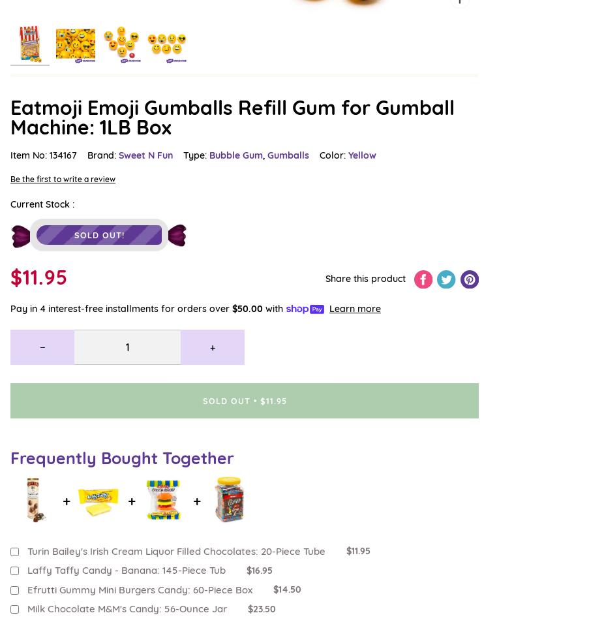 The width and height of the screenshot is (604, 643). I want to click on 'Kosher Candy', so click(10, 189).